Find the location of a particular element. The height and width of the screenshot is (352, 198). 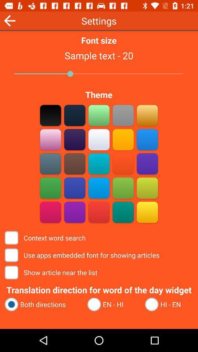

make purple the background color is located at coordinates (147, 164).